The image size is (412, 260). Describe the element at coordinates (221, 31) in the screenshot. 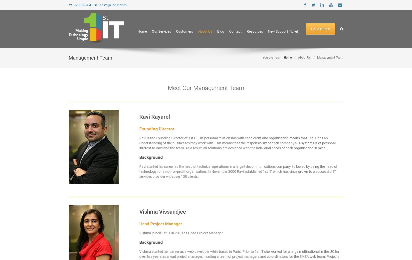

I see `'Blog'` at that location.